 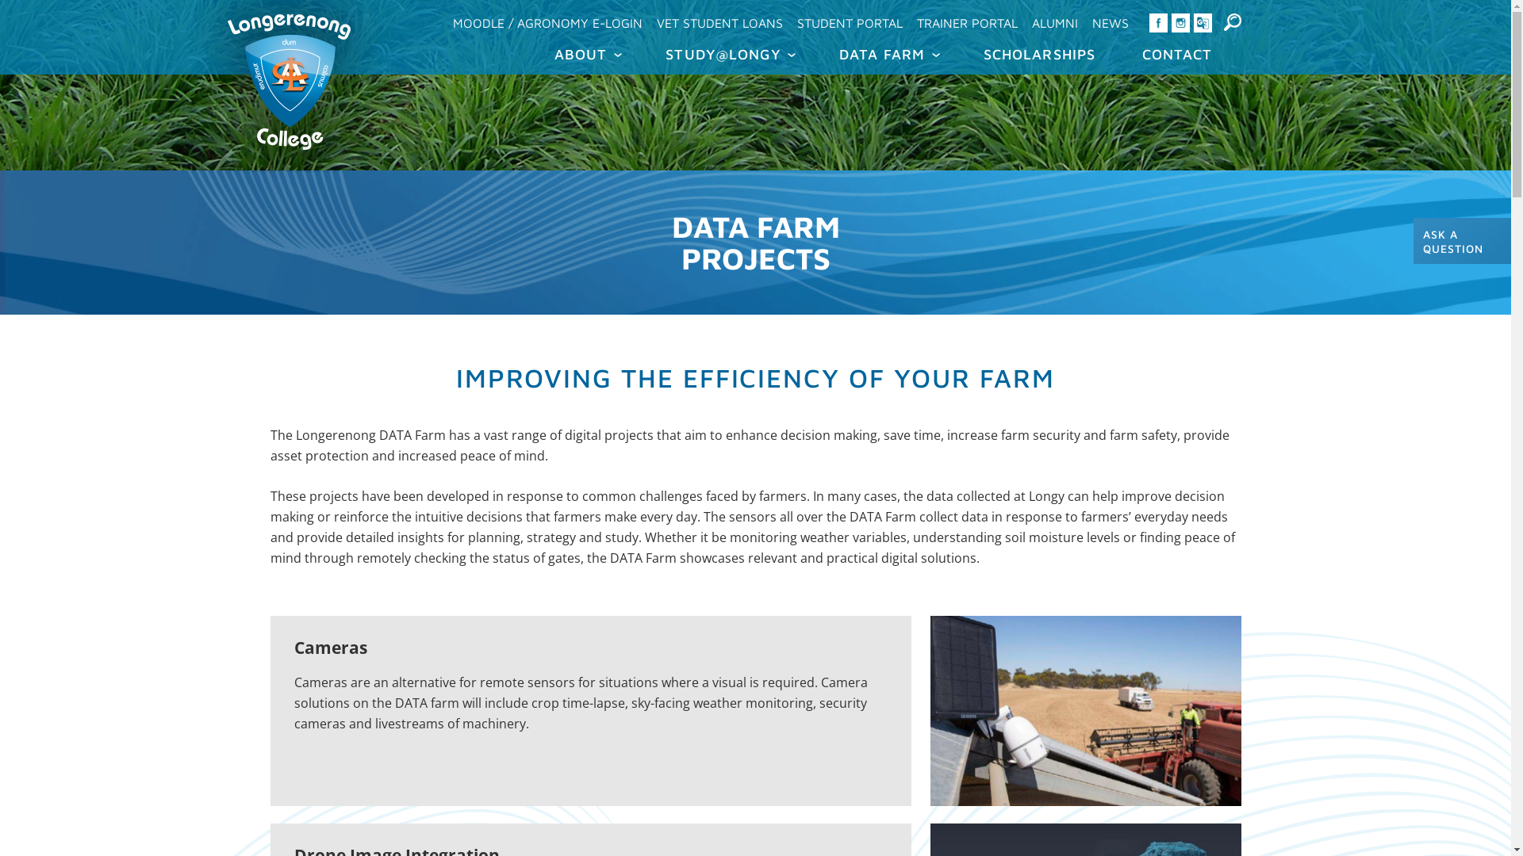 What do you see at coordinates (1110, 23) in the screenshot?
I see `'NEWS'` at bounding box center [1110, 23].